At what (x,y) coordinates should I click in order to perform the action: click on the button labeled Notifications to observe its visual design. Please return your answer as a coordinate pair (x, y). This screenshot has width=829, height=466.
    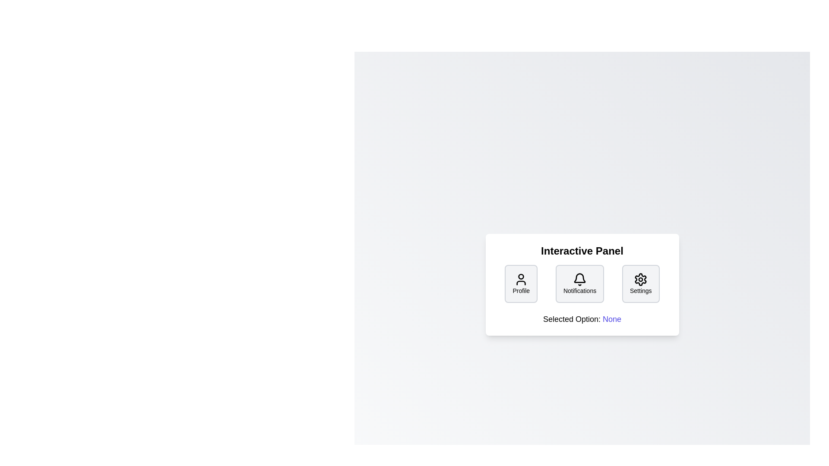
    Looking at the image, I should click on (580, 284).